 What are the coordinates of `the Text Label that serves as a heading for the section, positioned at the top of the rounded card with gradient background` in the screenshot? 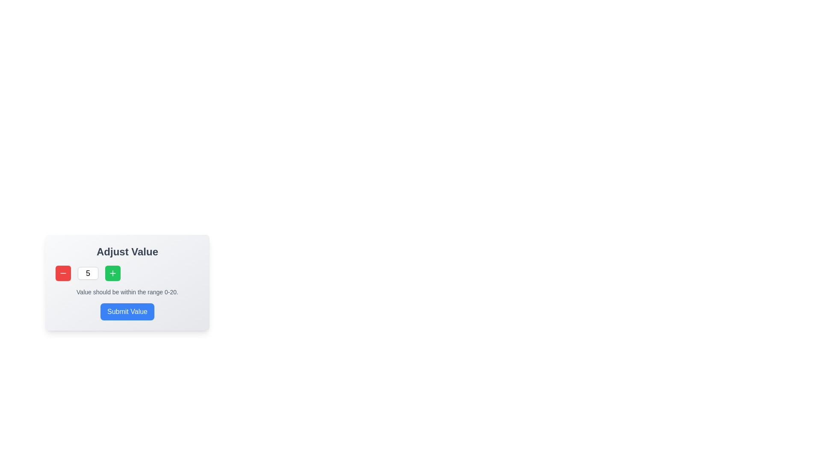 It's located at (127, 252).